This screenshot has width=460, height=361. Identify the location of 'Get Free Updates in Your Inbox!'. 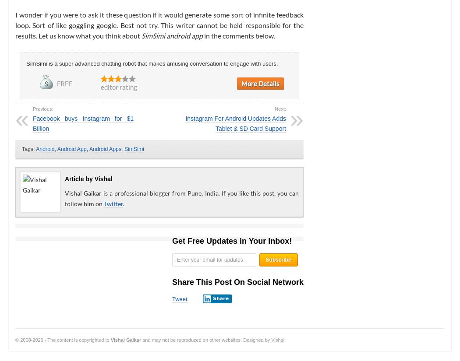
(231, 241).